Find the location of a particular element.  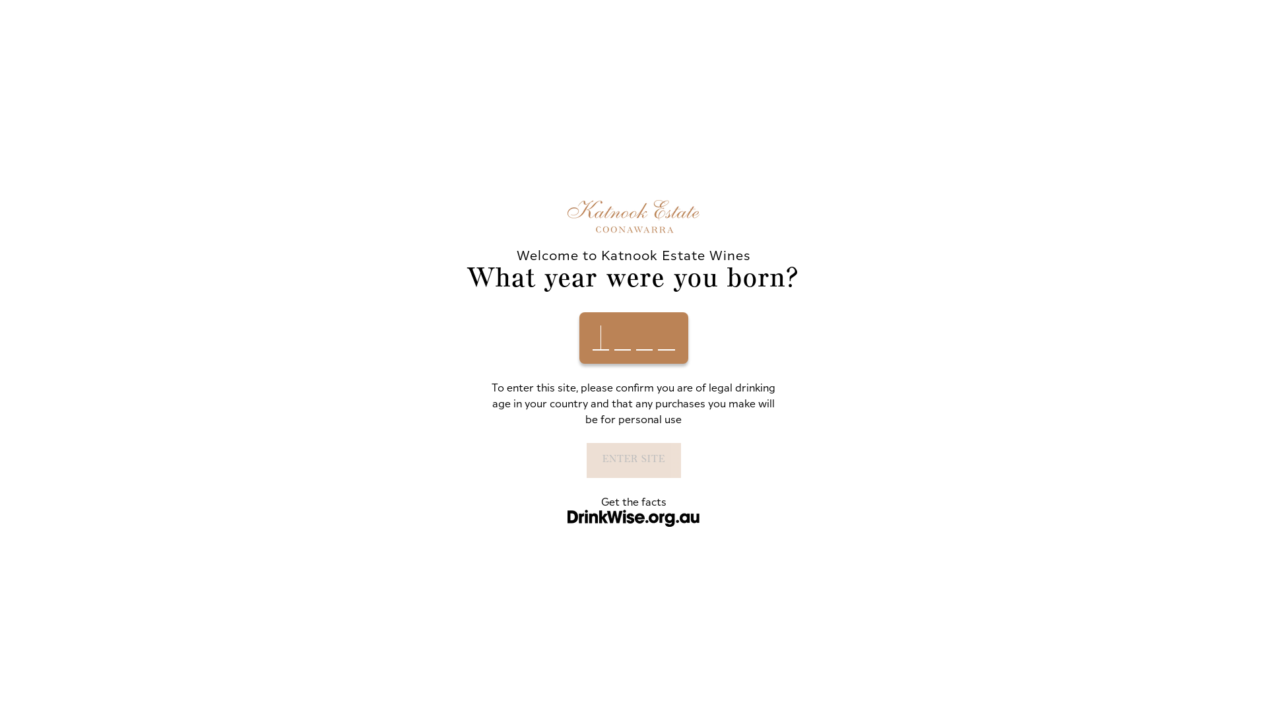

'Shopping Cart' is located at coordinates (1066, 63).